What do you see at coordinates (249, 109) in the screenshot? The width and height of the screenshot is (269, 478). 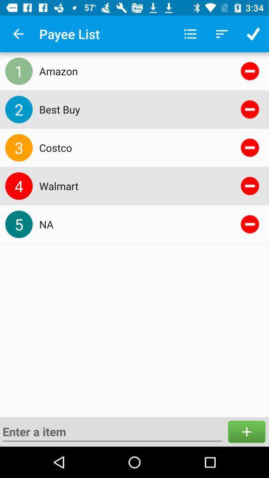 I see `delete item` at bounding box center [249, 109].